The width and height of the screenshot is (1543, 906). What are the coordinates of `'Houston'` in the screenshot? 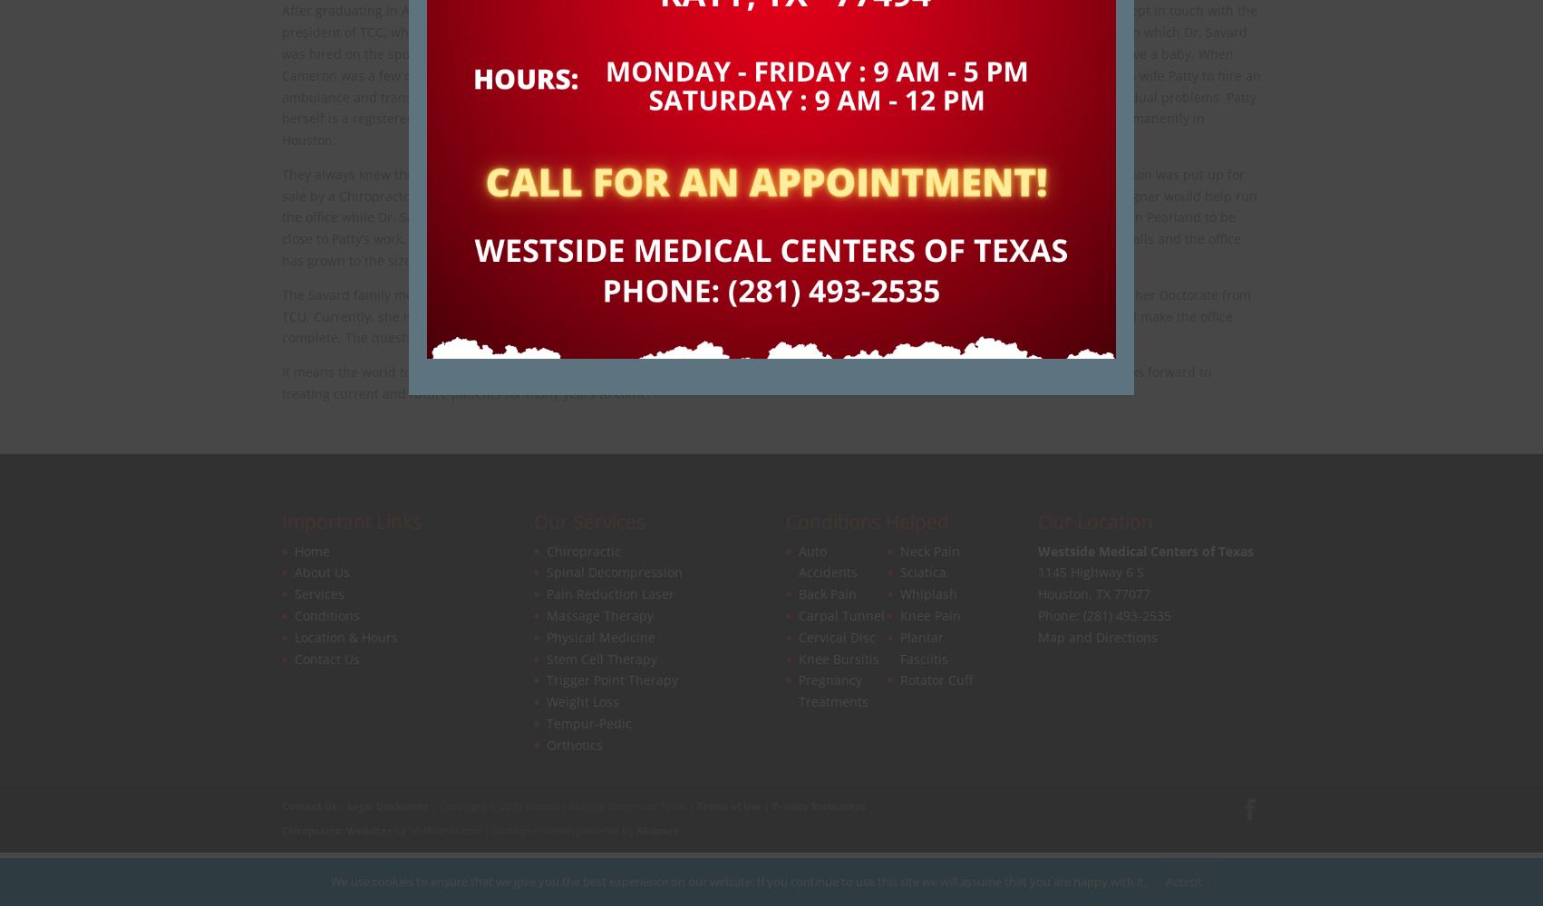 It's located at (1063, 593).